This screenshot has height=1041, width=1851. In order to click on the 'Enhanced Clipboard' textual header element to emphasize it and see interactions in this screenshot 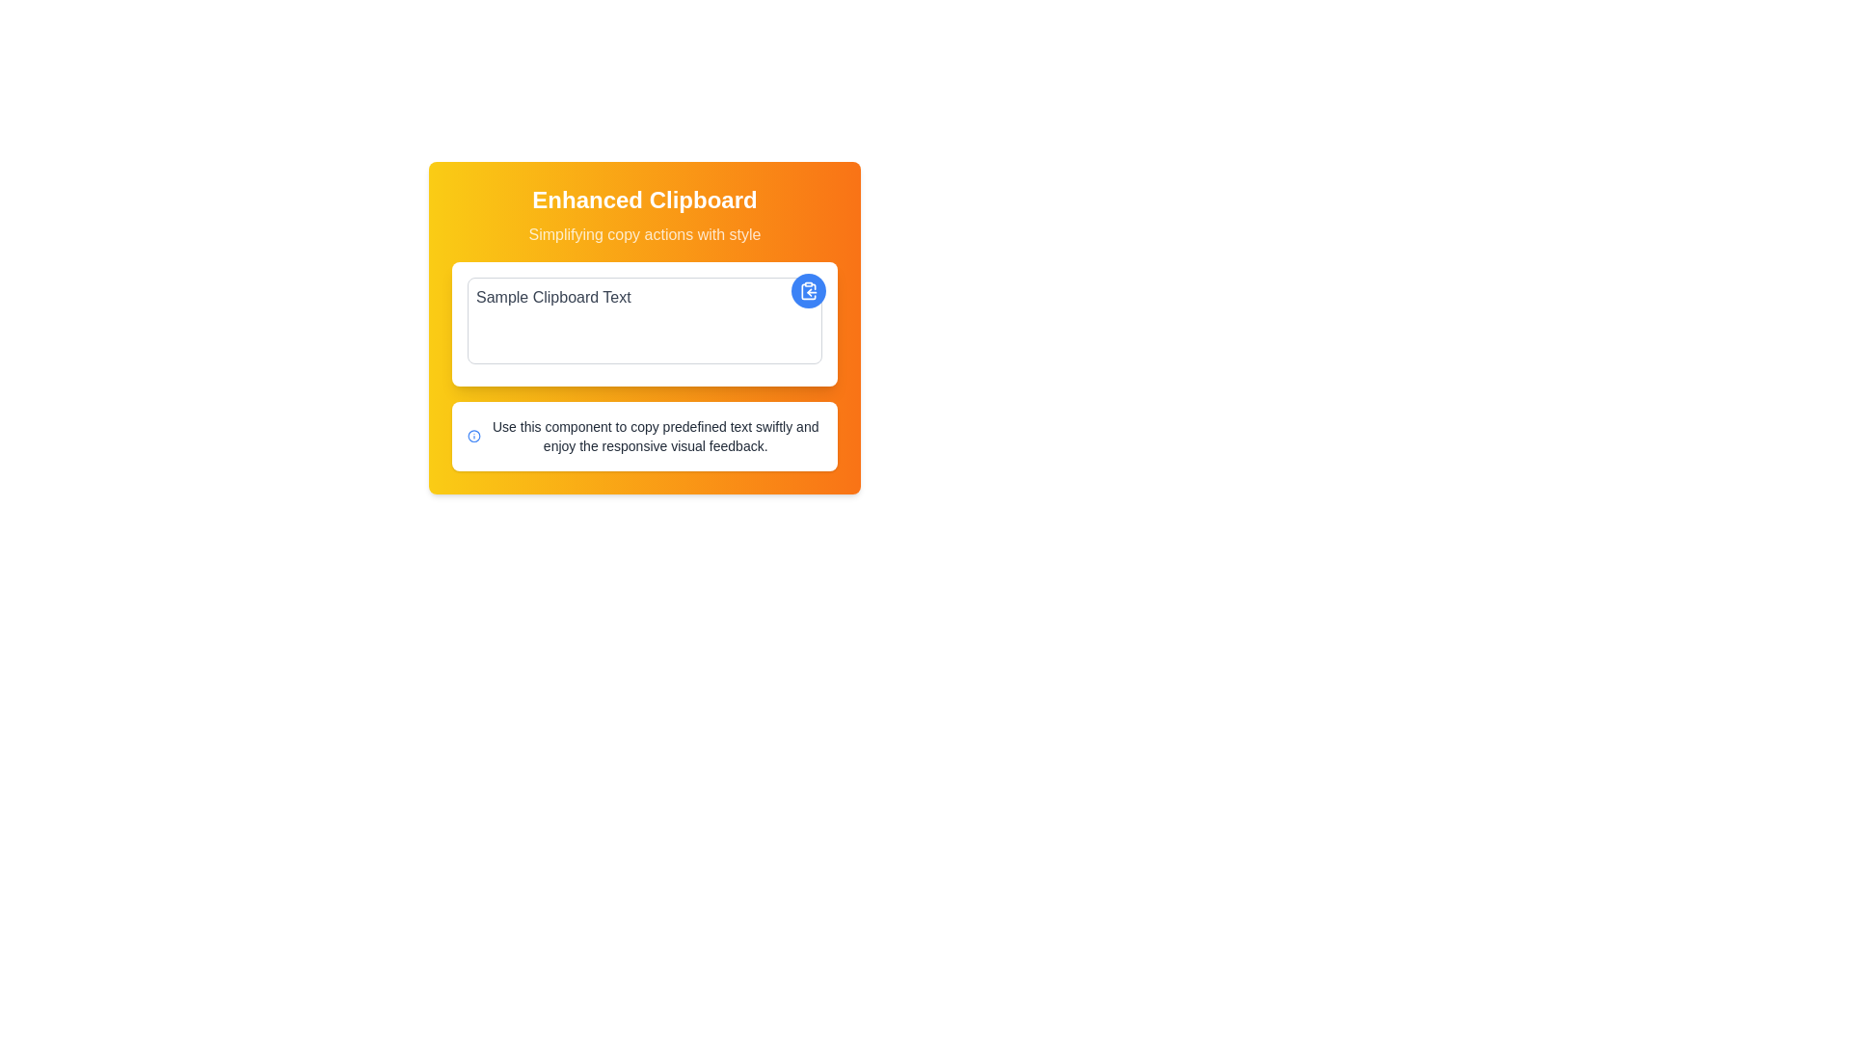, I will do `click(644, 215)`.